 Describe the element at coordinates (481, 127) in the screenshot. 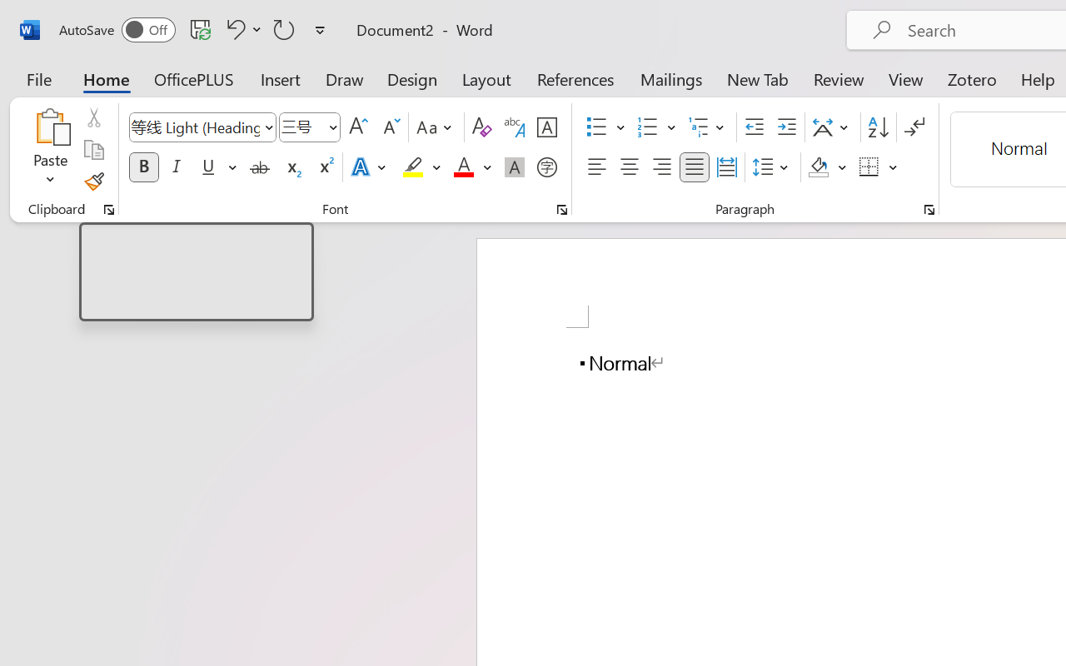

I see `'Clear Formatting'` at that location.